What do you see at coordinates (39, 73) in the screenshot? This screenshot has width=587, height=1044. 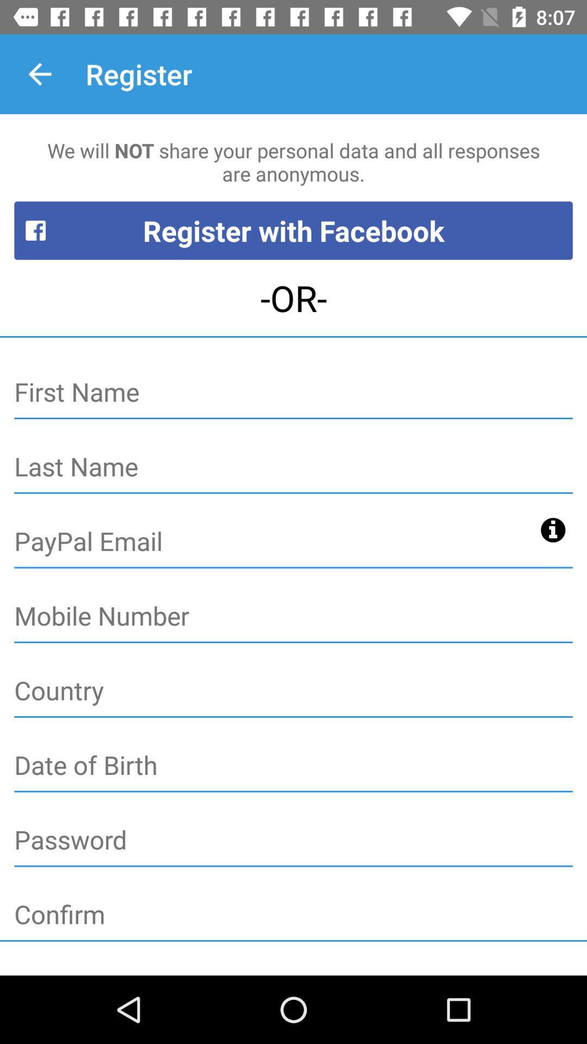 I see `item next to the register app` at bounding box center [39, 73].